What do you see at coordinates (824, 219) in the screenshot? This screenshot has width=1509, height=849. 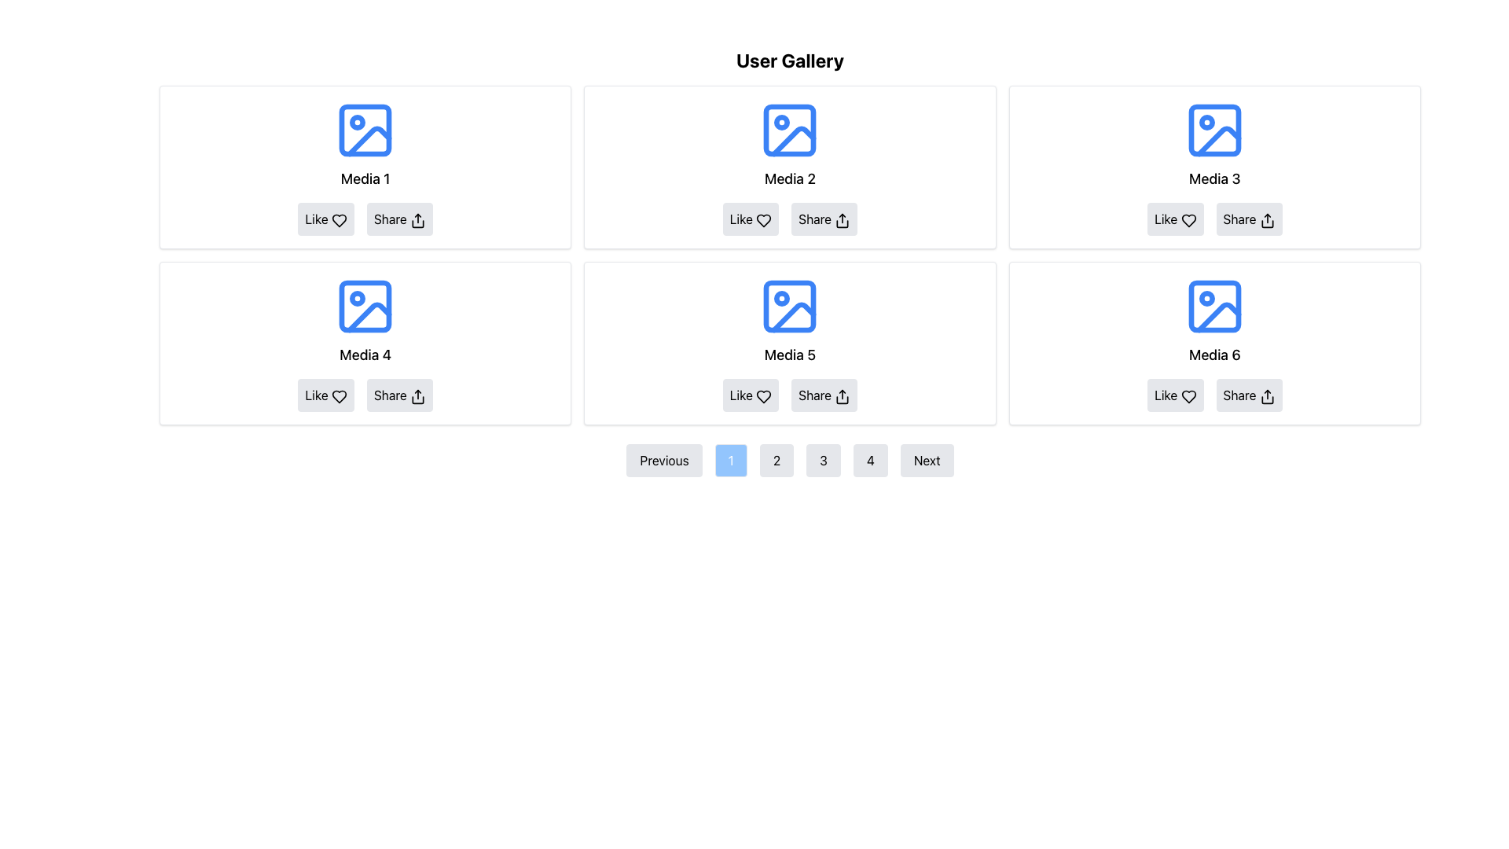 I see `the share button located in the second media card of the gallery, positioned below the 'Media 2' label and to the right of the 'Like' button` at bounding box center [824, 219].